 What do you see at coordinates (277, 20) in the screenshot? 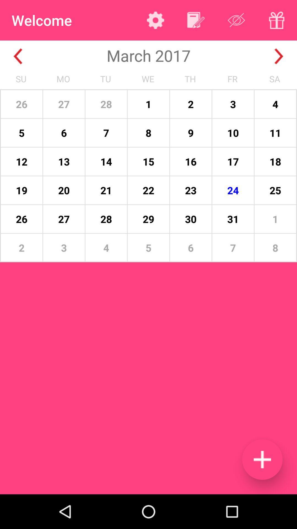
I see `shows a gift option` at bounding box center [277, 20].